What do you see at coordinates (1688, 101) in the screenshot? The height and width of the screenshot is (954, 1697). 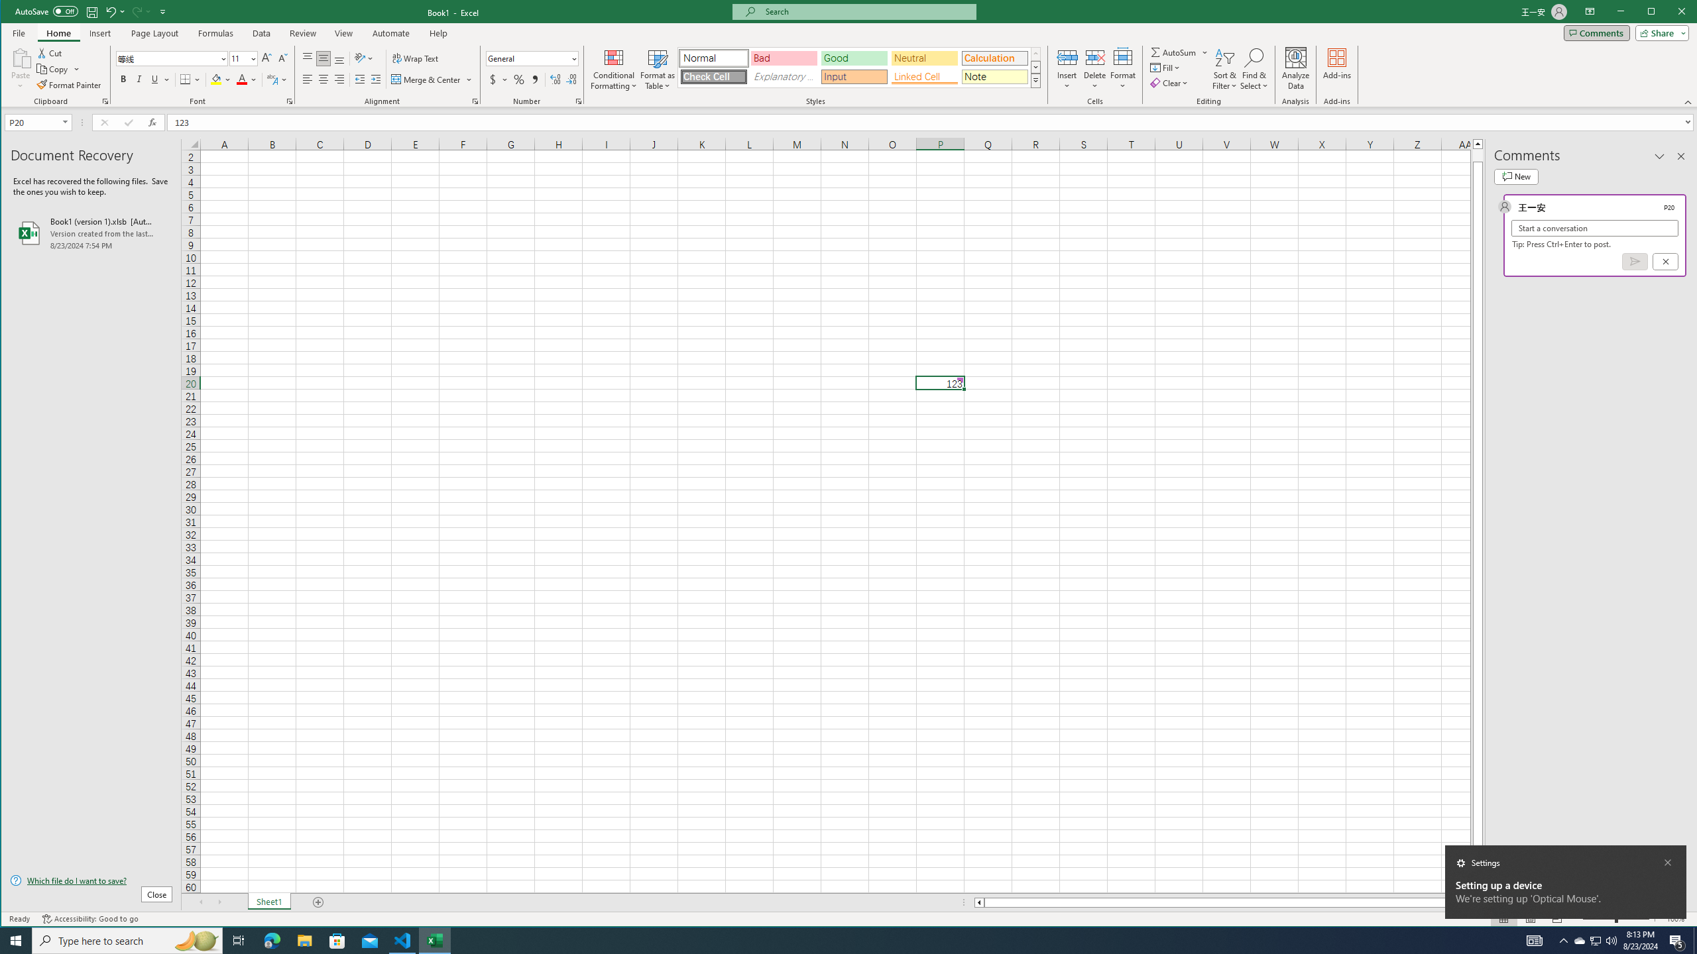 I see `'Collapse the Ribbon'` at bounding box center [1688, 101].